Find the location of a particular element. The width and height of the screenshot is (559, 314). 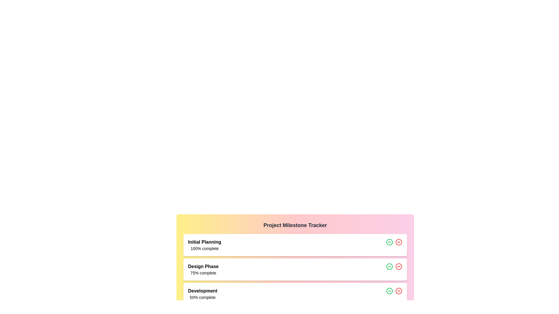

the interactive control button represented as an SVG graphic, located to the left of the downward-pointing chevron is located at coordinates (390, 291).